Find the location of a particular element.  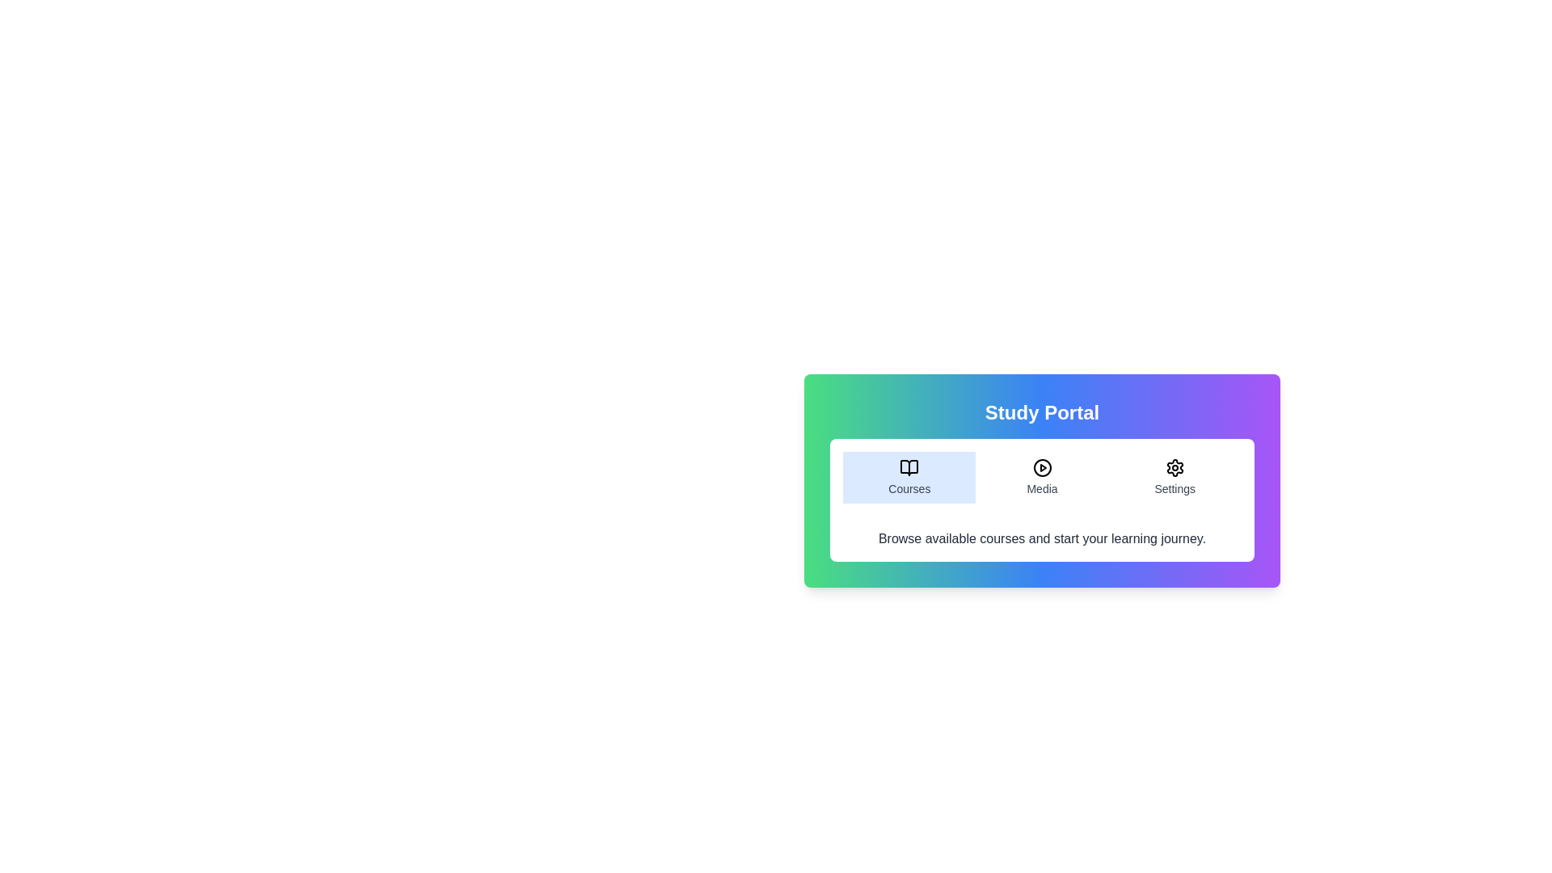

the Courses tab to read its content is located at coordinates (909, 476).